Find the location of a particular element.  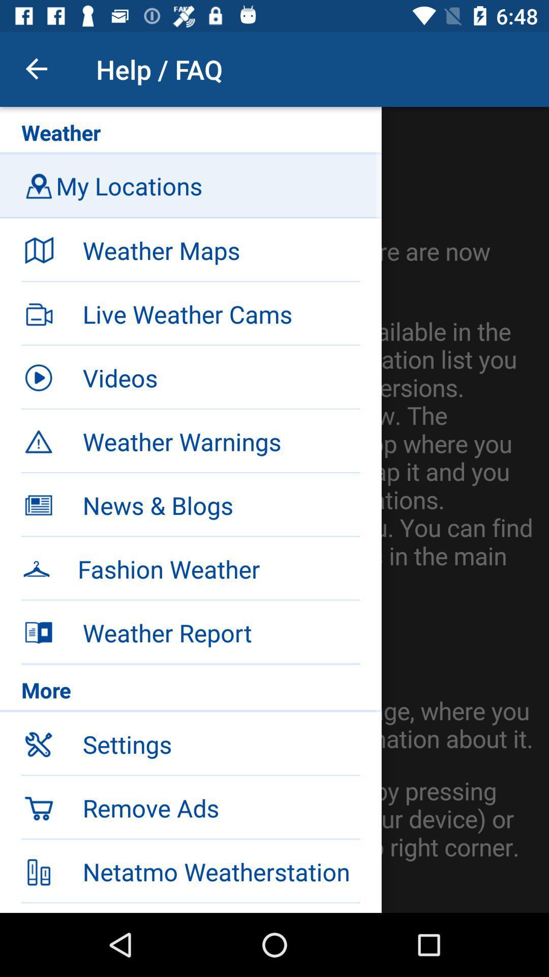

the icon next to the my locations icon is located at coordinates (38, 186).